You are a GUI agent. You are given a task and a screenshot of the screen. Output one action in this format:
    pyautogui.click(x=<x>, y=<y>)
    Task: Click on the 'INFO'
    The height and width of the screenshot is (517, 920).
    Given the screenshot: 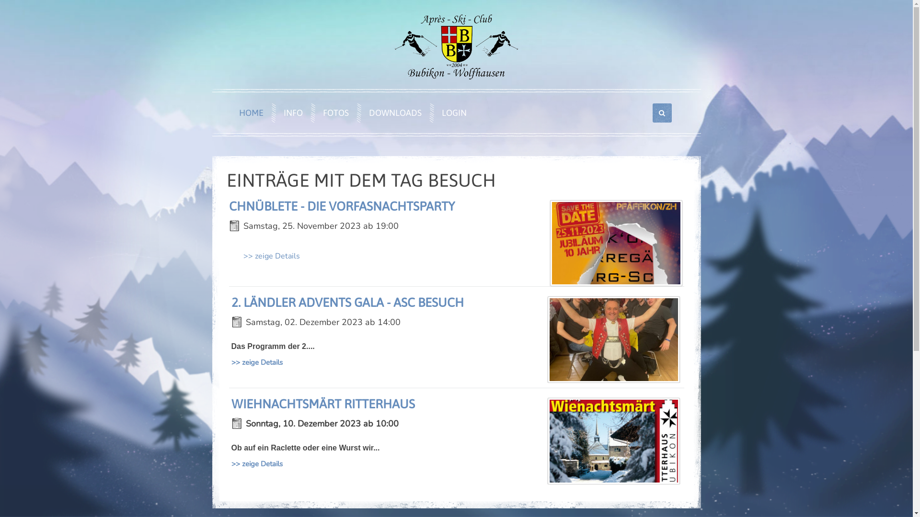 What is the action you would take?
    pyautogui.click(x=290, y=112)
    